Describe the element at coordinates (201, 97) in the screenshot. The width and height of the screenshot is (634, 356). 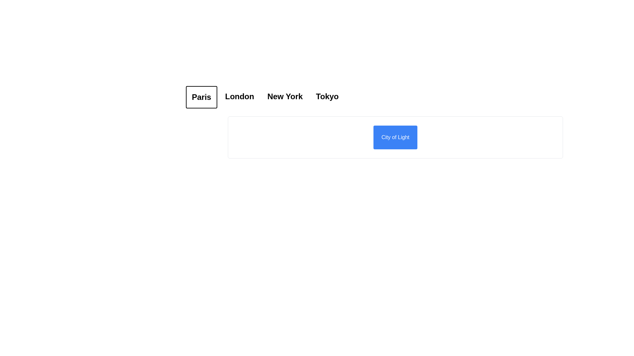
I see `the label displaying 'Paris' in bold, black font` at that location.